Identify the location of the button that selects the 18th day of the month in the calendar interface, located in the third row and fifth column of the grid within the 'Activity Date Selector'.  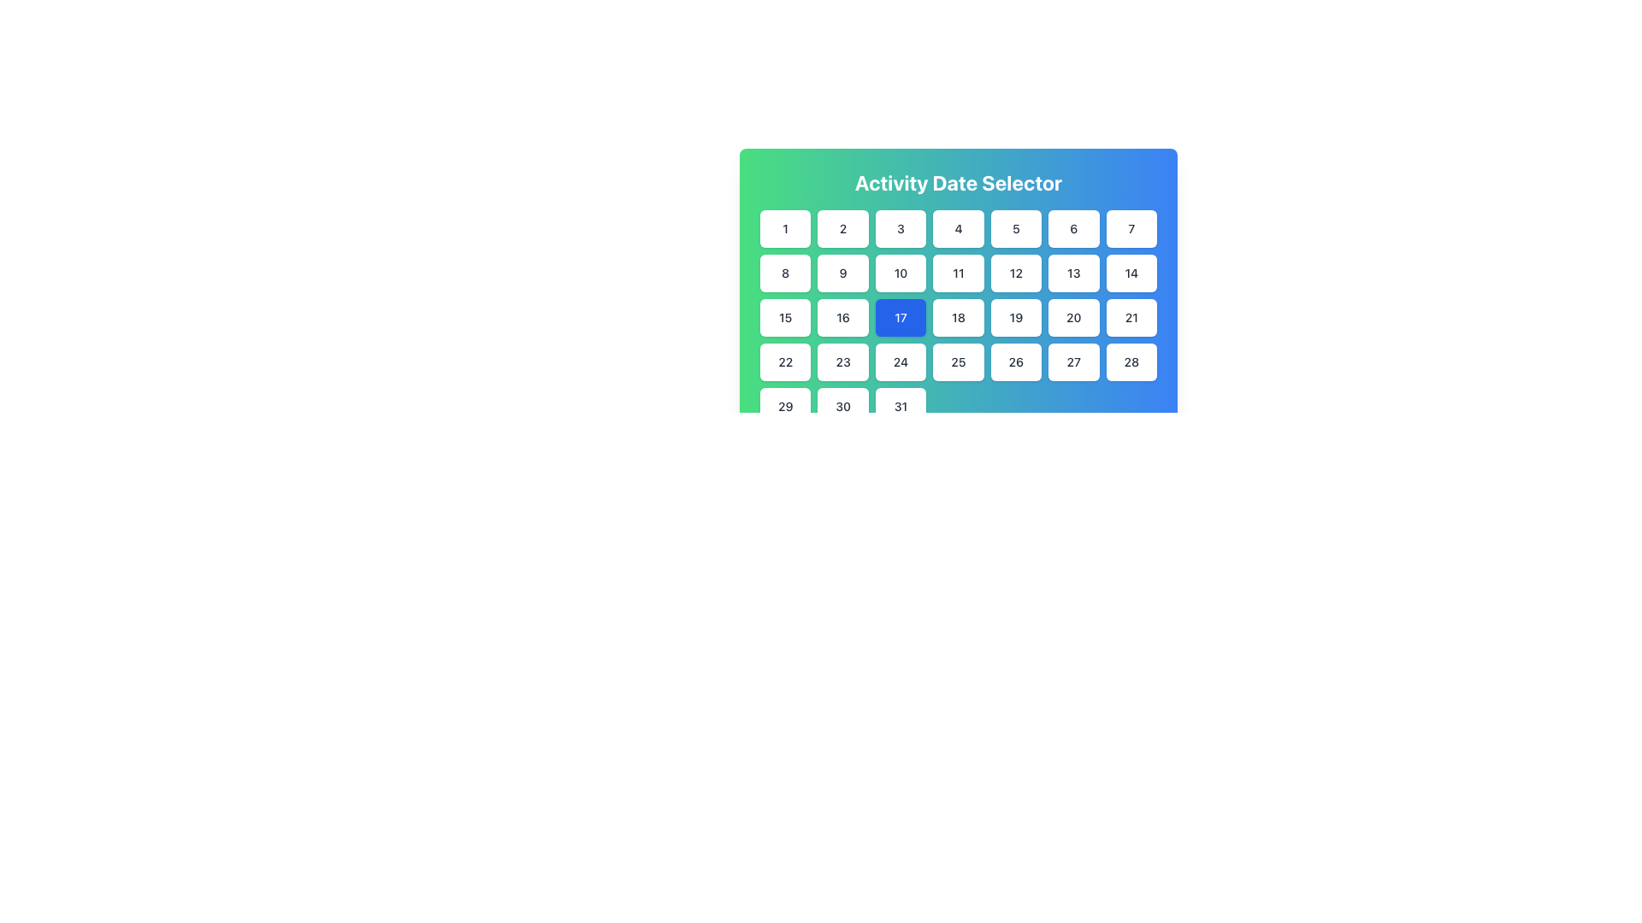
(959, 317).